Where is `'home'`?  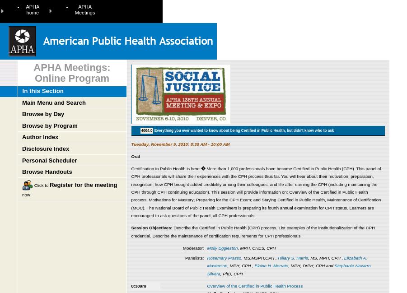 'home' is located at coordinates (26, 11).